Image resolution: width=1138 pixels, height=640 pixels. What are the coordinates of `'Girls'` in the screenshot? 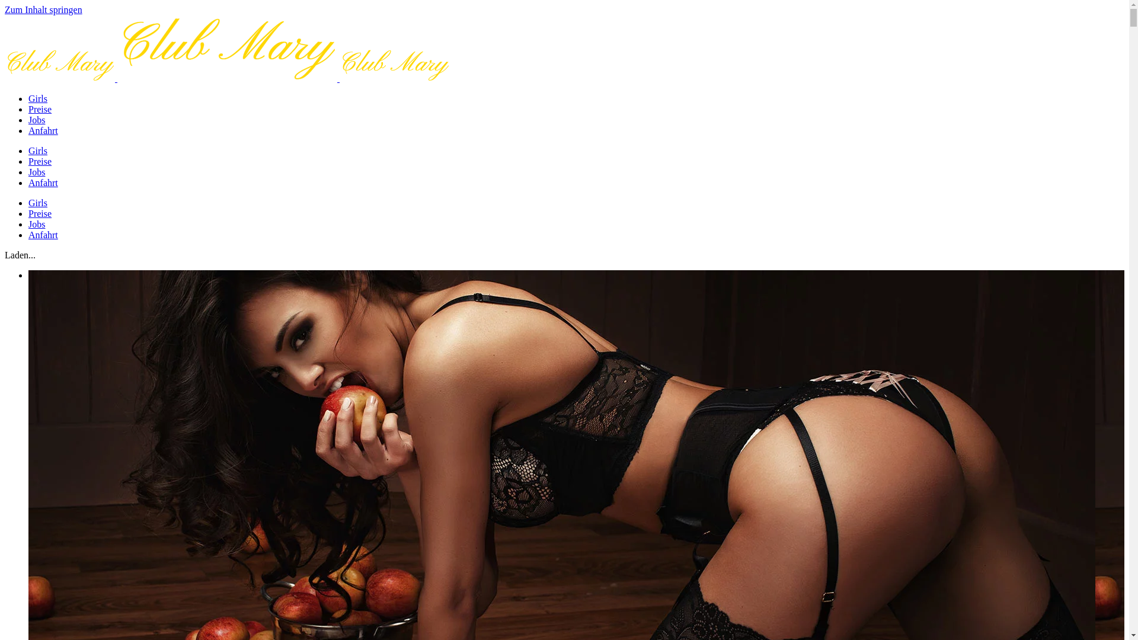 It's located at (37, 202).